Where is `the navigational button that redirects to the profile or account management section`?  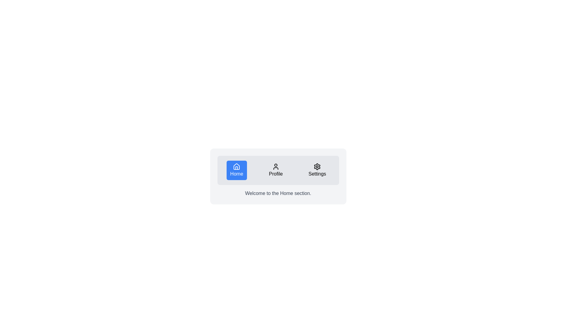
the navigational button that redirects to the profile or account management section is located at coordinates (275, 170).